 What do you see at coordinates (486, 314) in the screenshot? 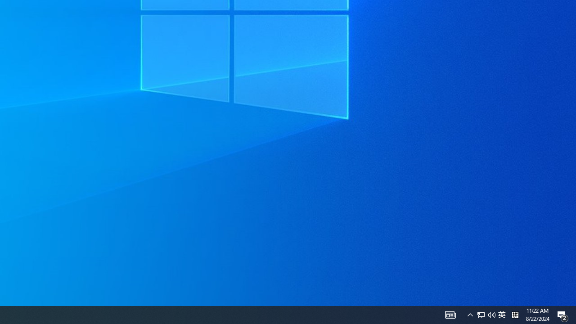
I see `'User Promoted Notification Area'` at bounding box center [486, 314].